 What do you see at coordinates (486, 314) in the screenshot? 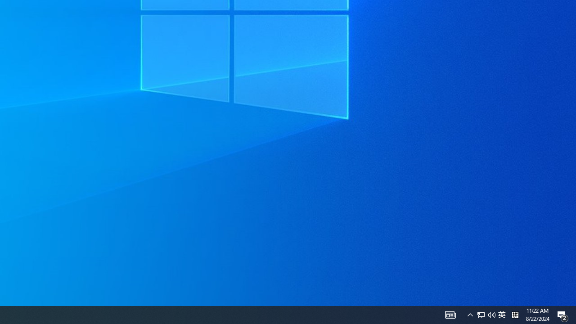
I see `'User Promoted Notification Area'` at bounding box center [486, 314].